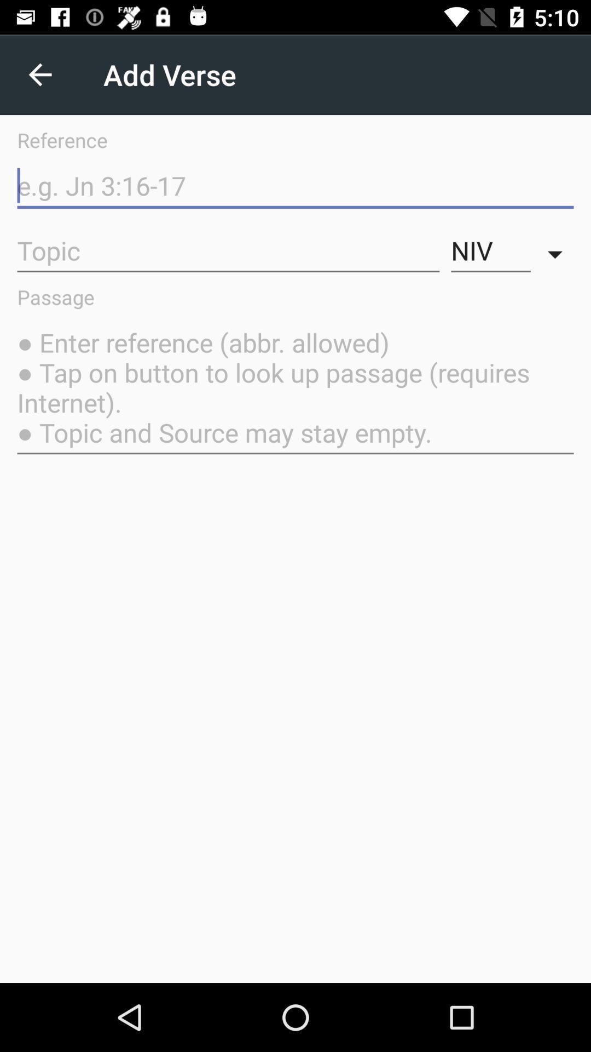  I want to click on the expand_more icon, so click(558, 250).